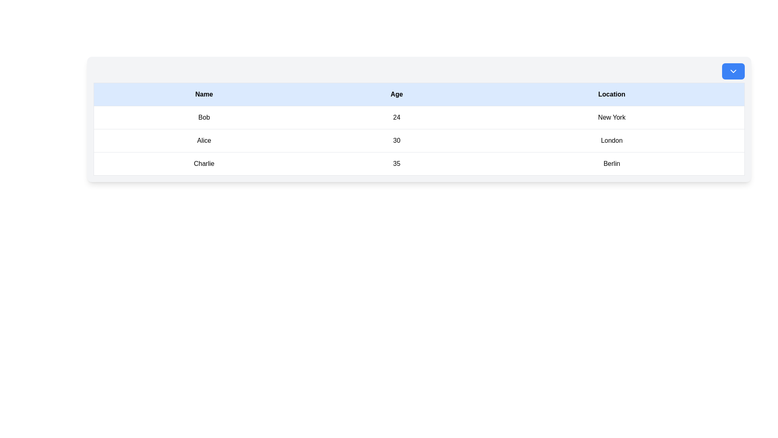 The height and width of the screenshot is (438, 778). What do you see at coordinates (612, 164) in the screenshot?
I see `the Text label that specifies the location associated with the row for 'Charlie' in the table under the 'Location' column, positioned to the right of 'Charlie' and '35'` at bounding box center [612, 164].